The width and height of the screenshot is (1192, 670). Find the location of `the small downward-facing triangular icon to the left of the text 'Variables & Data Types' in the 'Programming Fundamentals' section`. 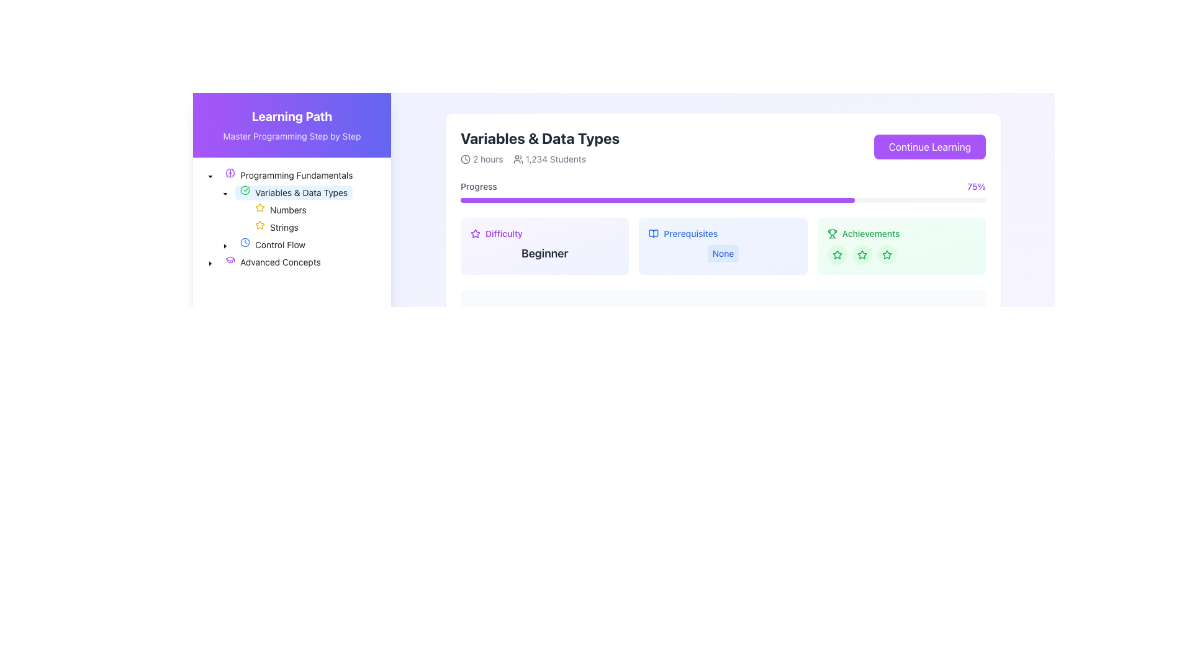

the small downward-facing triangular icon to the left of the text 'Variables & Data Types' in the 'Programming Fundamentals' section is located at coordinates (225, 194).